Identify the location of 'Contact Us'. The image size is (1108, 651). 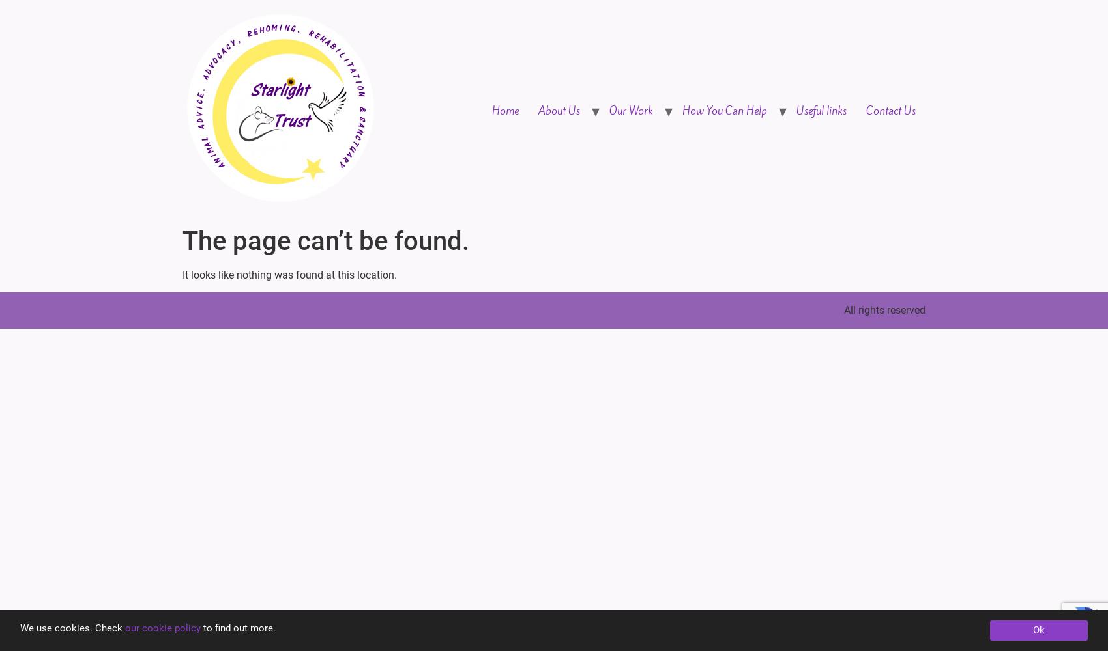
(890, 110).